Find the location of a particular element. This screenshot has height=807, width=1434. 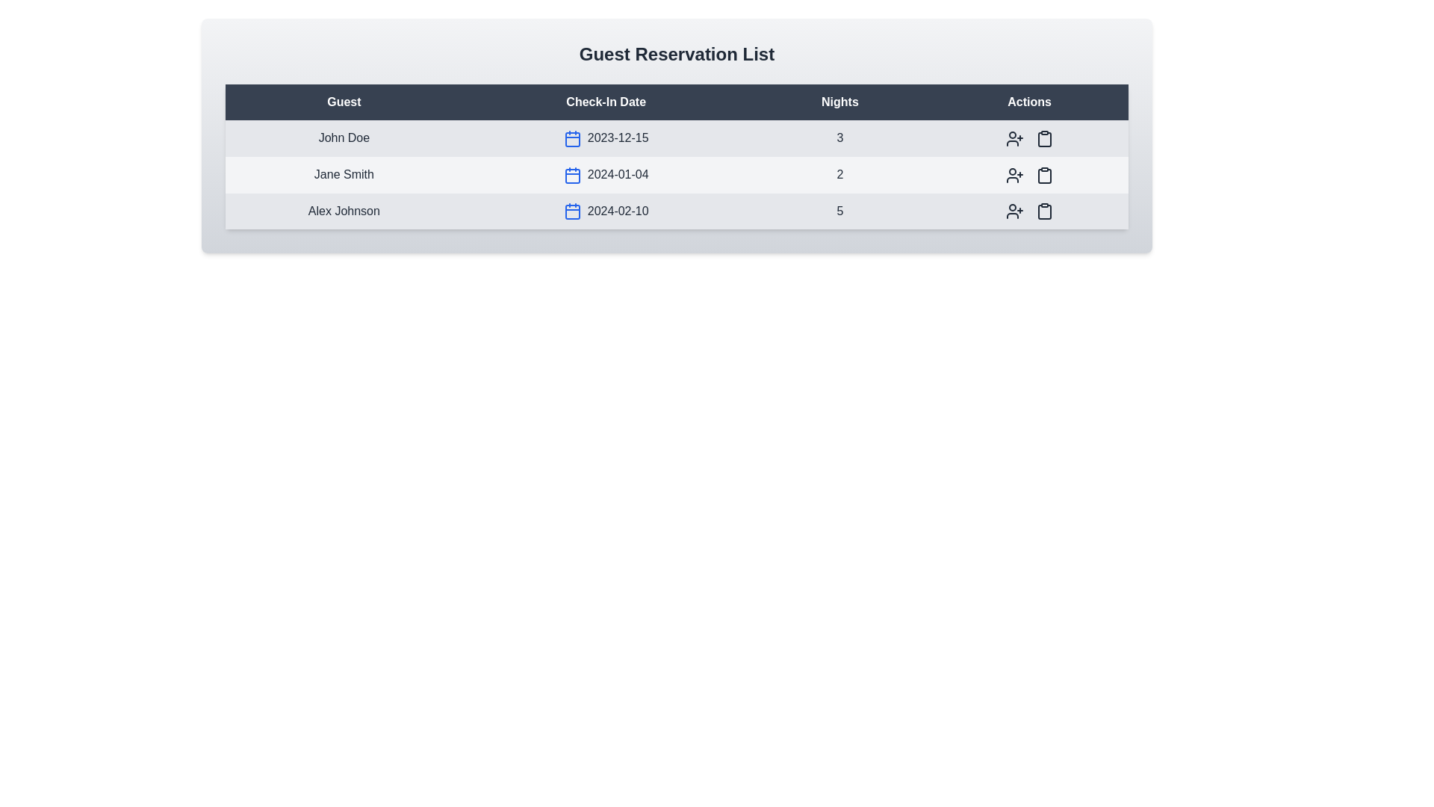

the 'Nights' column header in the table, which is the third column header located between 'Check-In Date' and 'Actions' is located at coordinates (839, 102).